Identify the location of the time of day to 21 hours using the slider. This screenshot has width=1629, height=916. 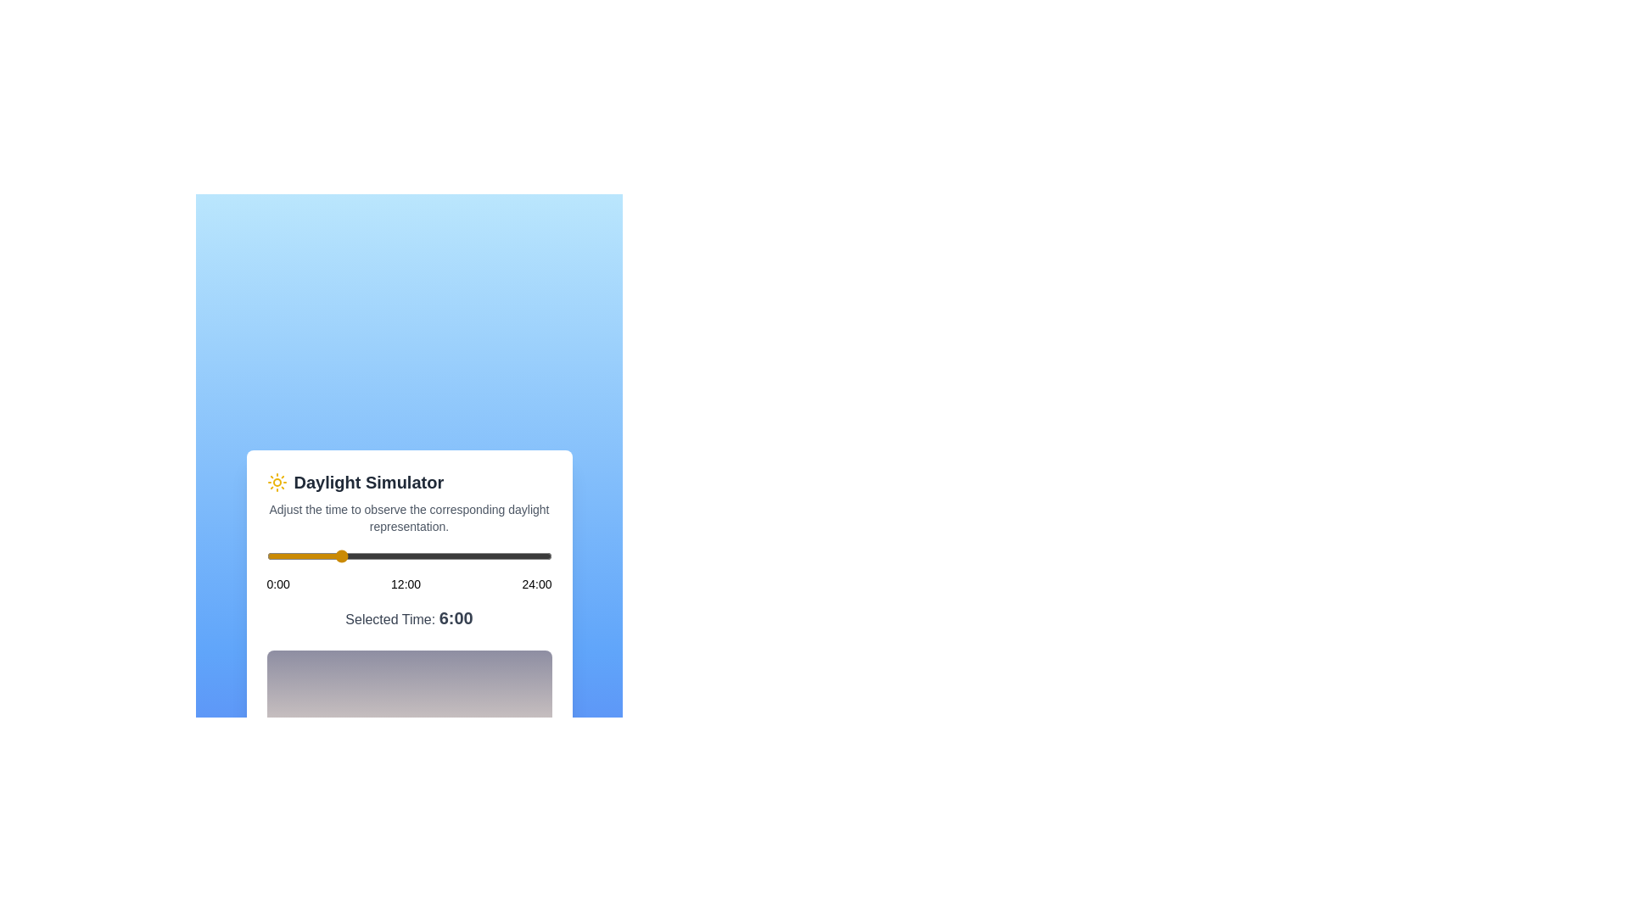
(515, 556).